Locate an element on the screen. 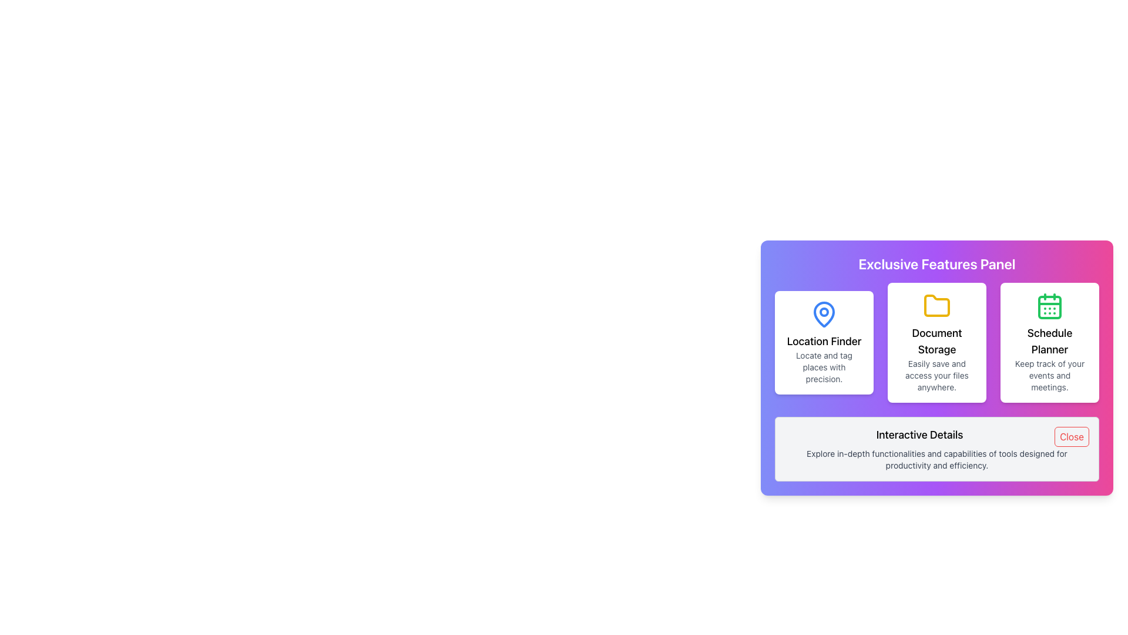 This screenshot has height=635, width=1128. the 'Schedule Planner' text label located in the rightmost card of the 'Exclusive Features Panel', positioned beneath the green calendar icon is located at coordinates (1049, 342).